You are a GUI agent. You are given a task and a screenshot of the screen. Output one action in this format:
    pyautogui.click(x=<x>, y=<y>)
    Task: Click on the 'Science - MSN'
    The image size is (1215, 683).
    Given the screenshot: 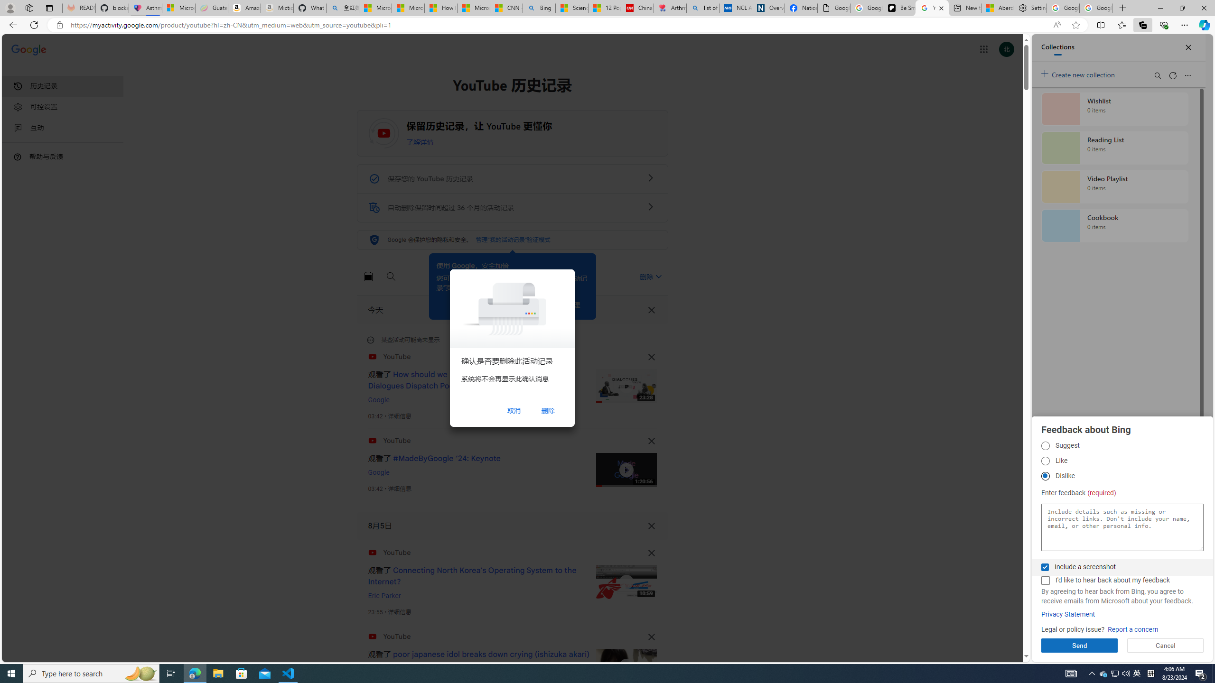 What is the action you would take?
    pyautogui.click(x=571, y=8)
    